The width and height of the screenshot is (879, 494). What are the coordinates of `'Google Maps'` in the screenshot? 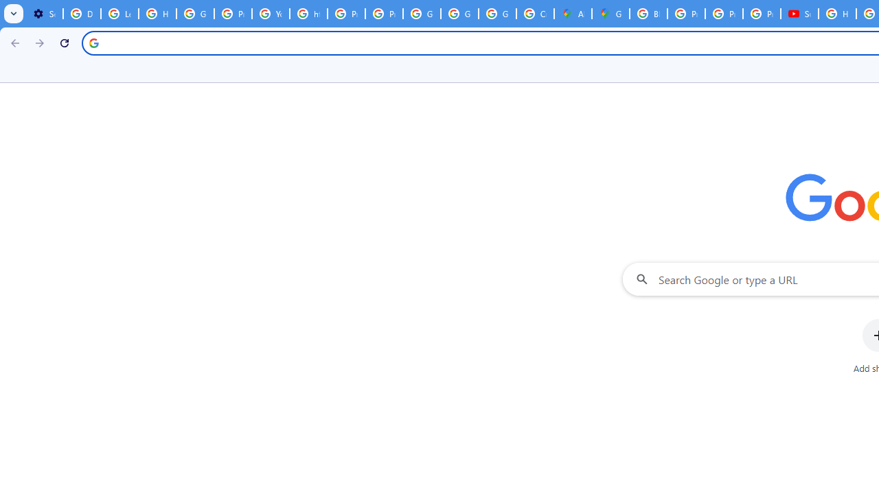 It's located at (609, 14).